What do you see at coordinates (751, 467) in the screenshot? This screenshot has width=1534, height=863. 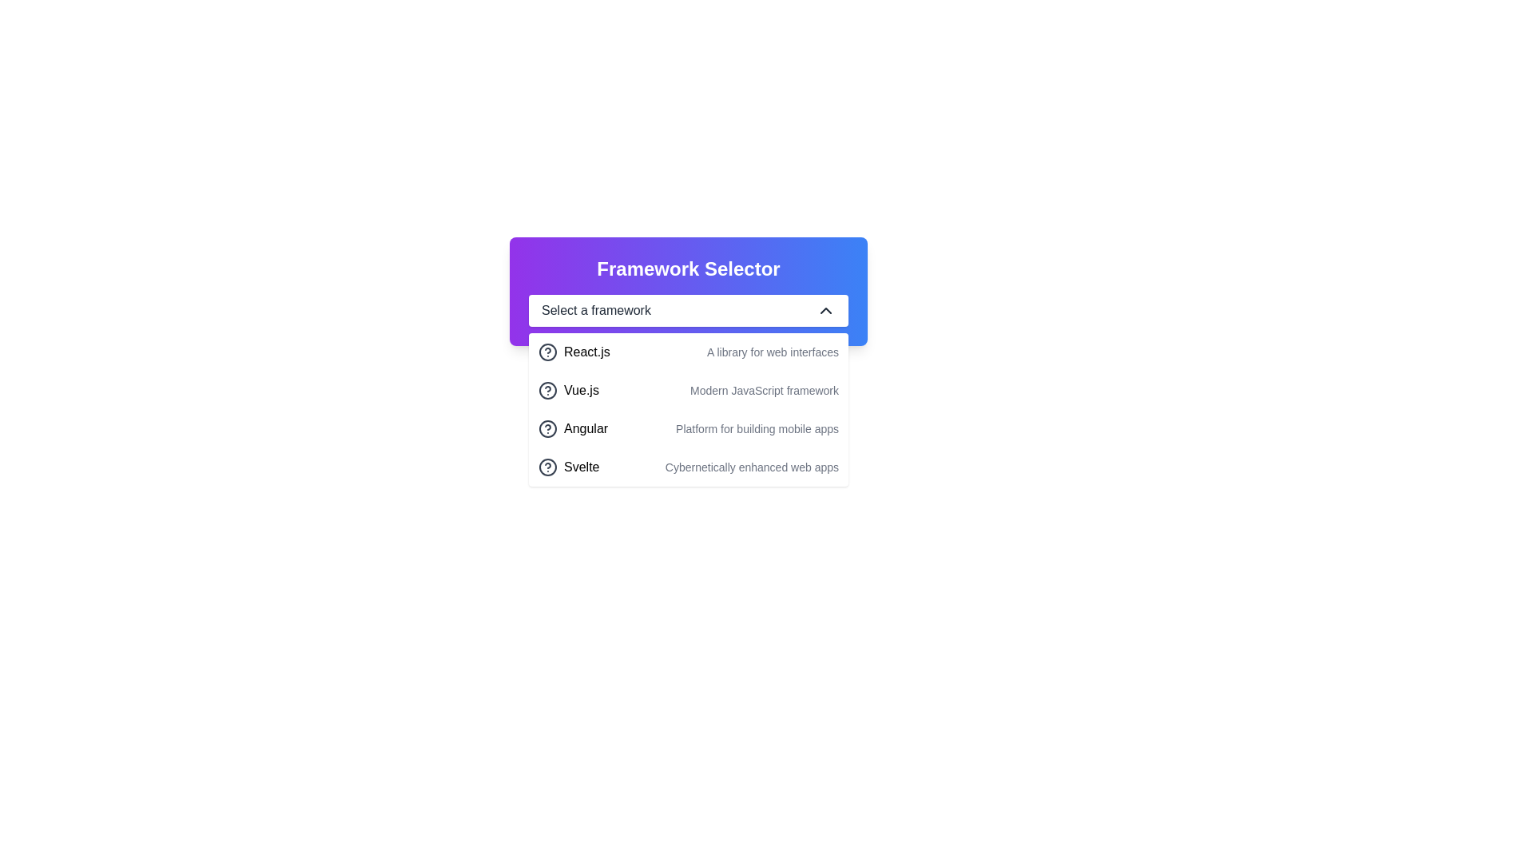 I see `the descriptive text label for the 'Svelte' framework within the dropdown menu of the 'Framework Selector' interface` at bounding box center [751, 467].